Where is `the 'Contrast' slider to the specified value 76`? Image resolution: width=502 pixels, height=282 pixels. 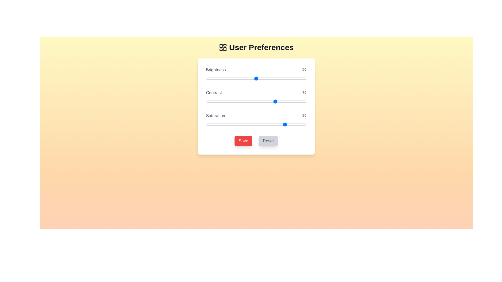 the 'Contrast' slider to the specified value 76 is located at coordinates (282, 102).